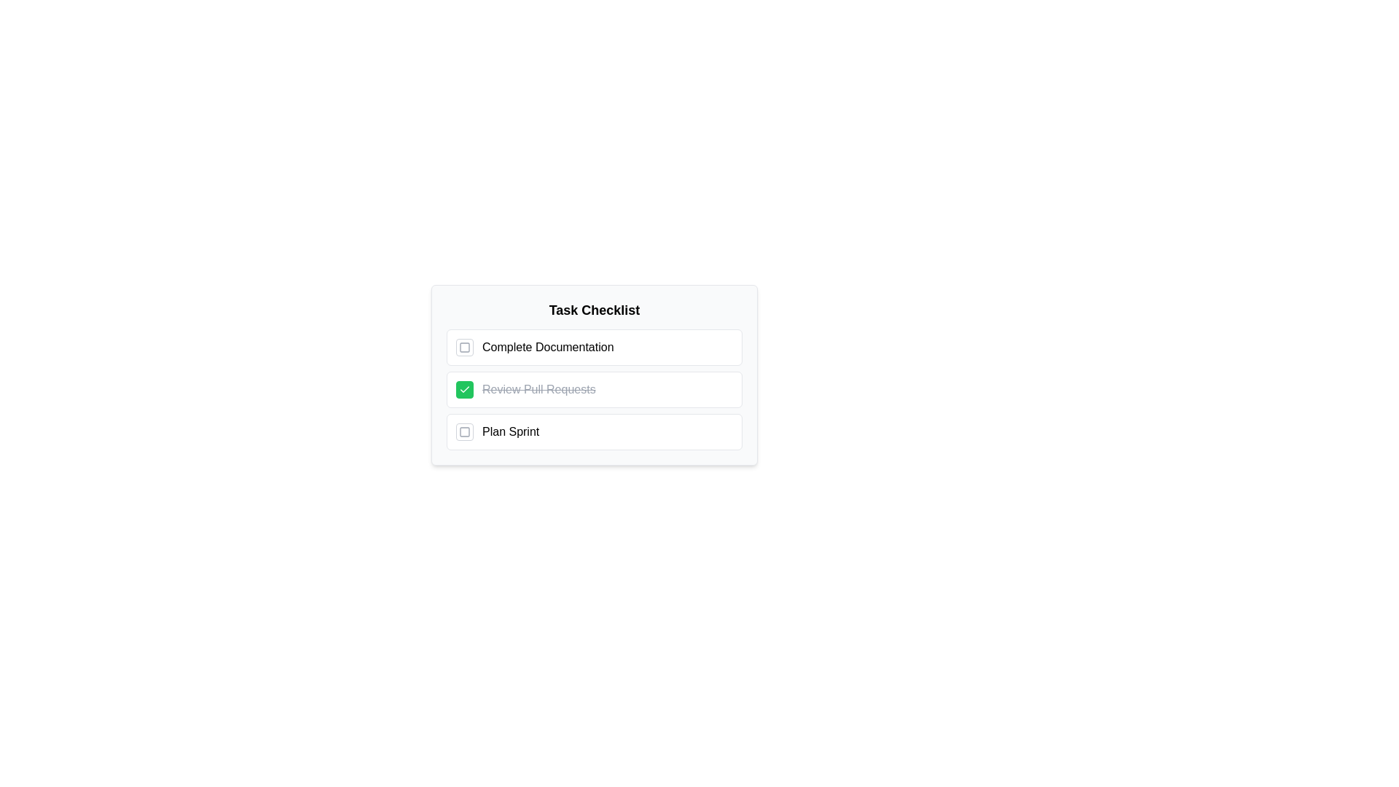 The image size is (1399, 787). Describe the element at coordinates (464, 431) in the screenshot. I see `the checkbox located to the left of the text 'Plan Sprint', which is a small box with a rounded border and a light gray border color` at that location.